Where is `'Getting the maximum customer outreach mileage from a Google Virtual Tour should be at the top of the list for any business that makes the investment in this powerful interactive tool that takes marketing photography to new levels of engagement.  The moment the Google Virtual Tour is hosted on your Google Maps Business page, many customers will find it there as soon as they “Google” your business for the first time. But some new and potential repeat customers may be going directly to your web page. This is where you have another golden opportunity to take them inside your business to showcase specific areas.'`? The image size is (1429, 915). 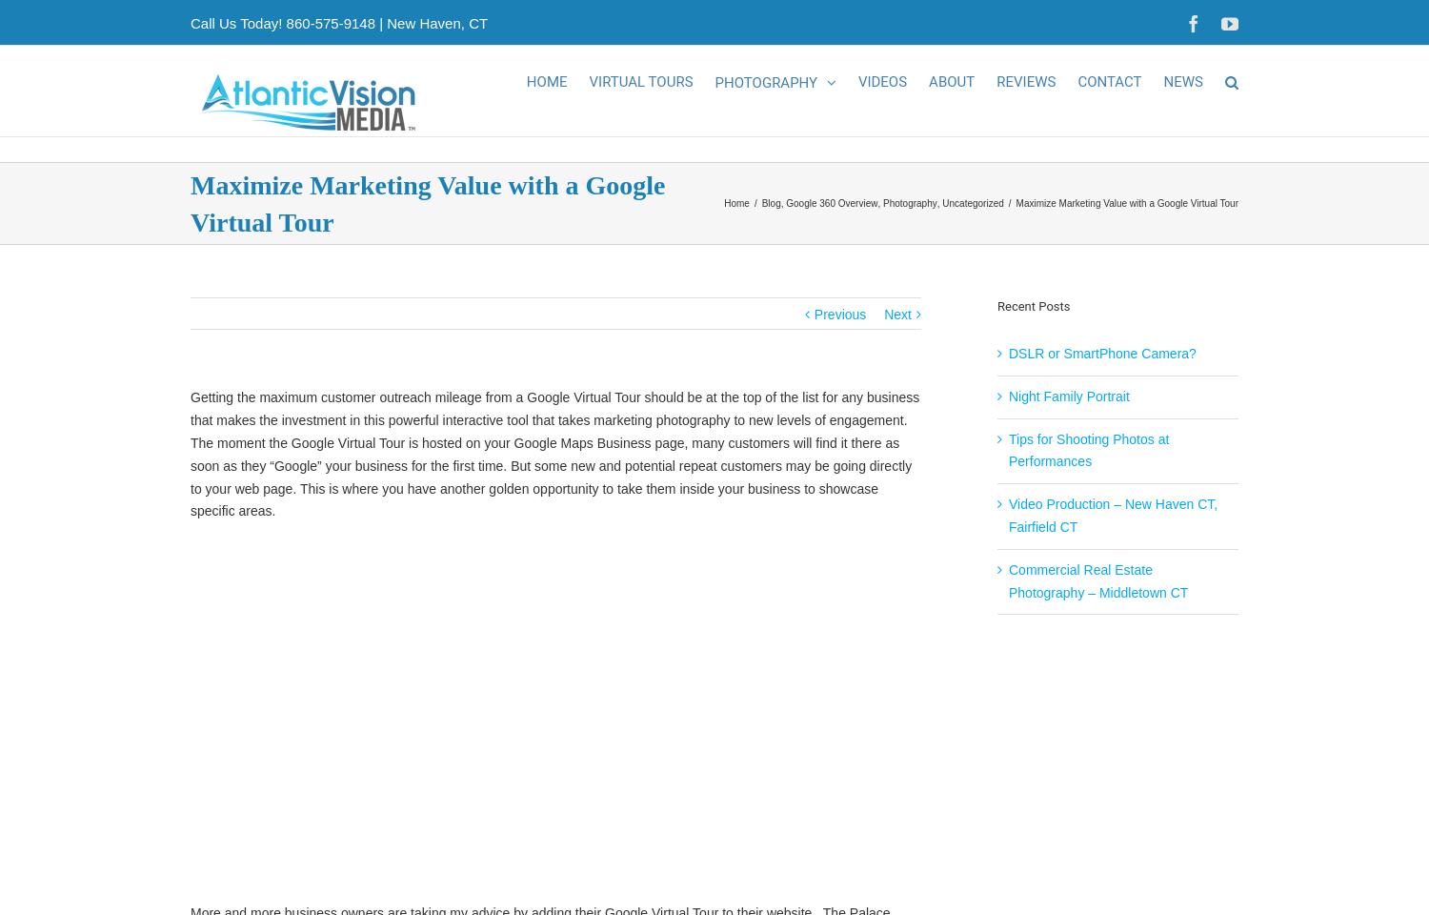
'Getting the maximum customer outreach mileage from a Google Virtual Tour should be at the top of the list for any business that makes the investment in this powerful interactive tool that takes marketing photography to new levels of engagement.  The moment the Google Virtual Tour is hosted on your Google Maps Business page, many customers will find it there as soon as they “Google” your business for the first time. But some new and potential repeat customers may be going directly to your web page. This is where you have another golden opportunity to take them inside your business to showcase specific areas.' is located at coordinates (553, 474).